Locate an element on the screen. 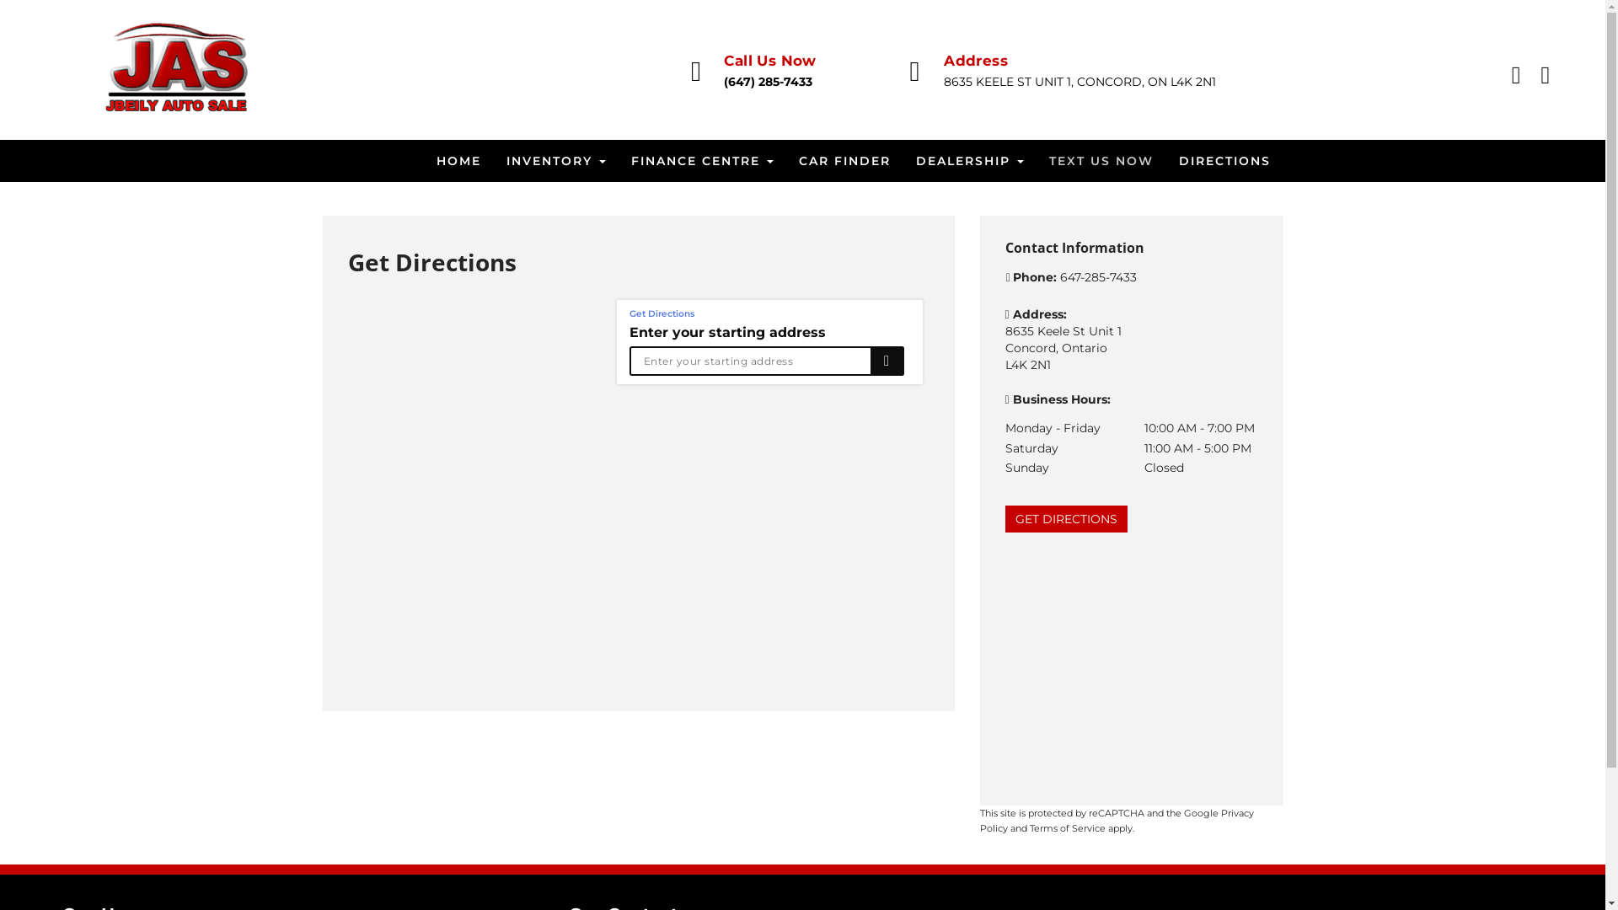 Image resolution: width=1618 pixels, height=910 pixels. 'HOME' is located at coordinates (423, 161).